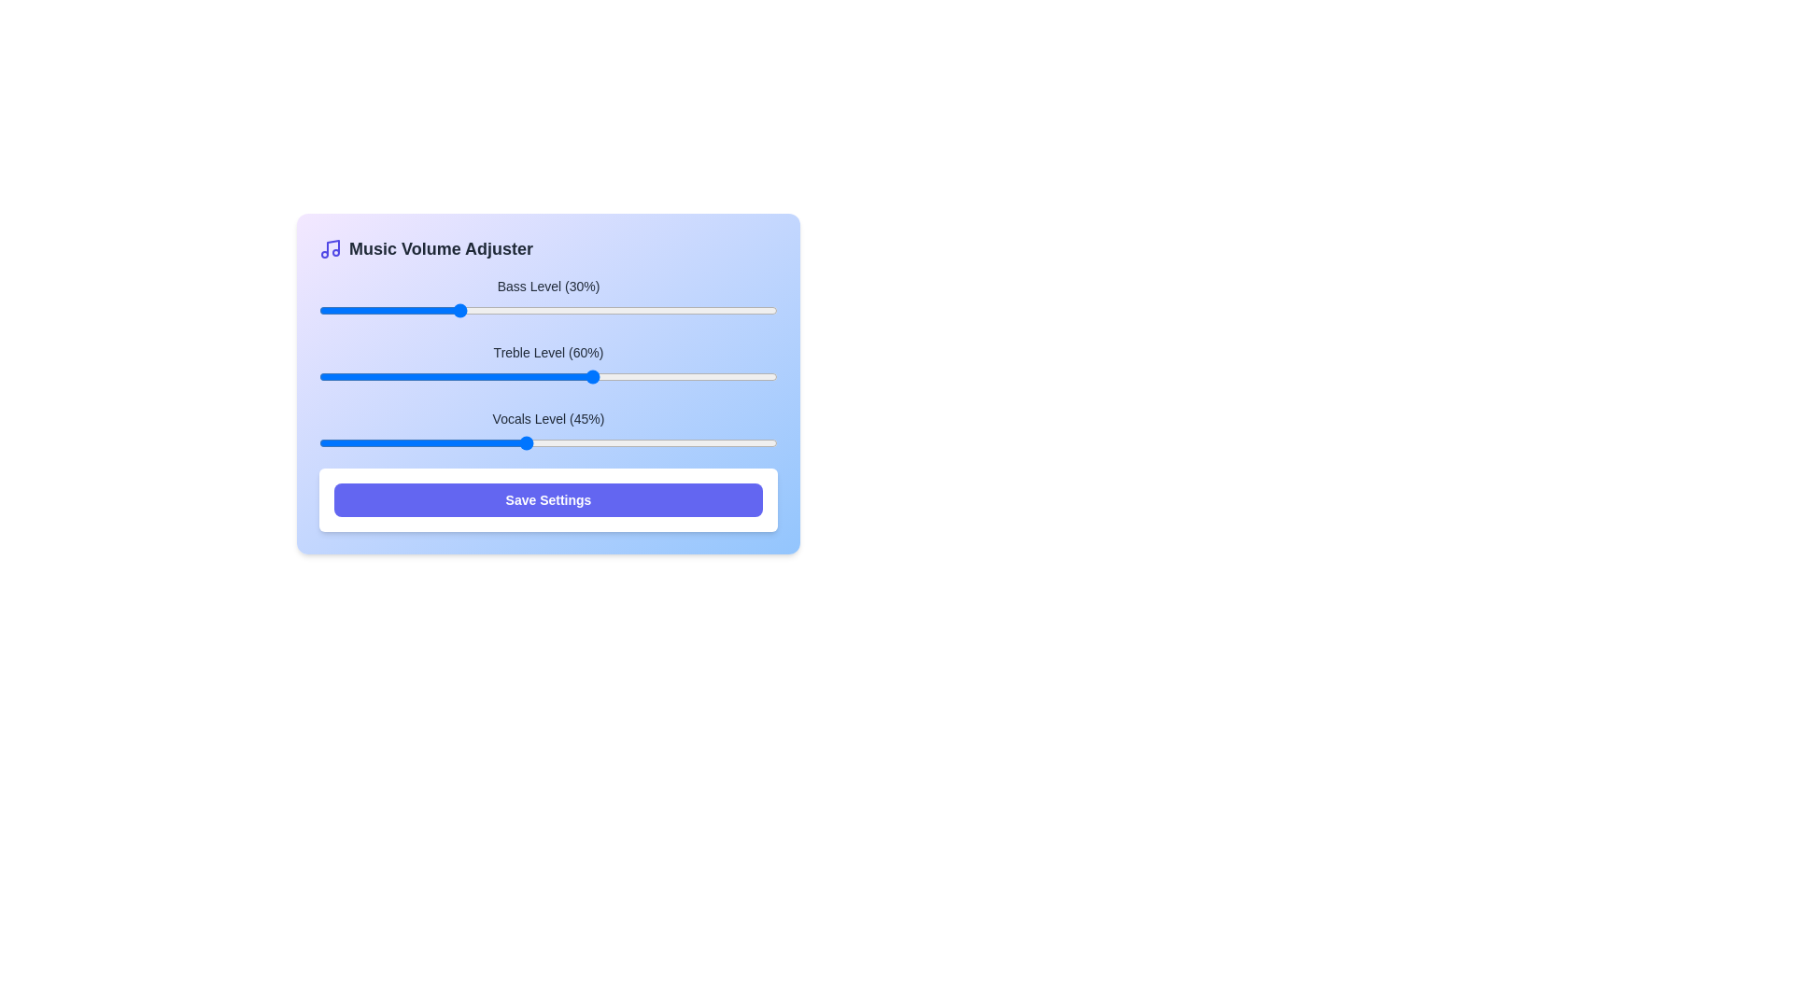 Image resolution: width=1793 pixels, height=1008 pixels. What do you see at coordinates (391, 309) in the screenshot?
I see `the bass level` at bounding box center [391, 309].